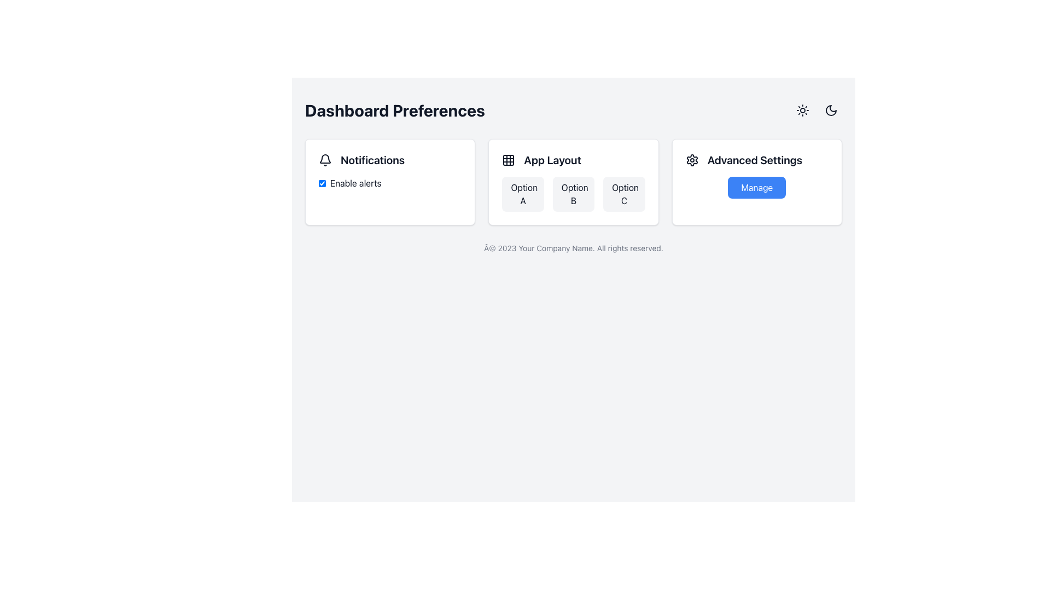  What do you see at coordinates (691, 160) in the screenshot?
I see `the gear-shaped icon representing settings located in the 'Advanced Settings' section` at bounding box center [691, 160].